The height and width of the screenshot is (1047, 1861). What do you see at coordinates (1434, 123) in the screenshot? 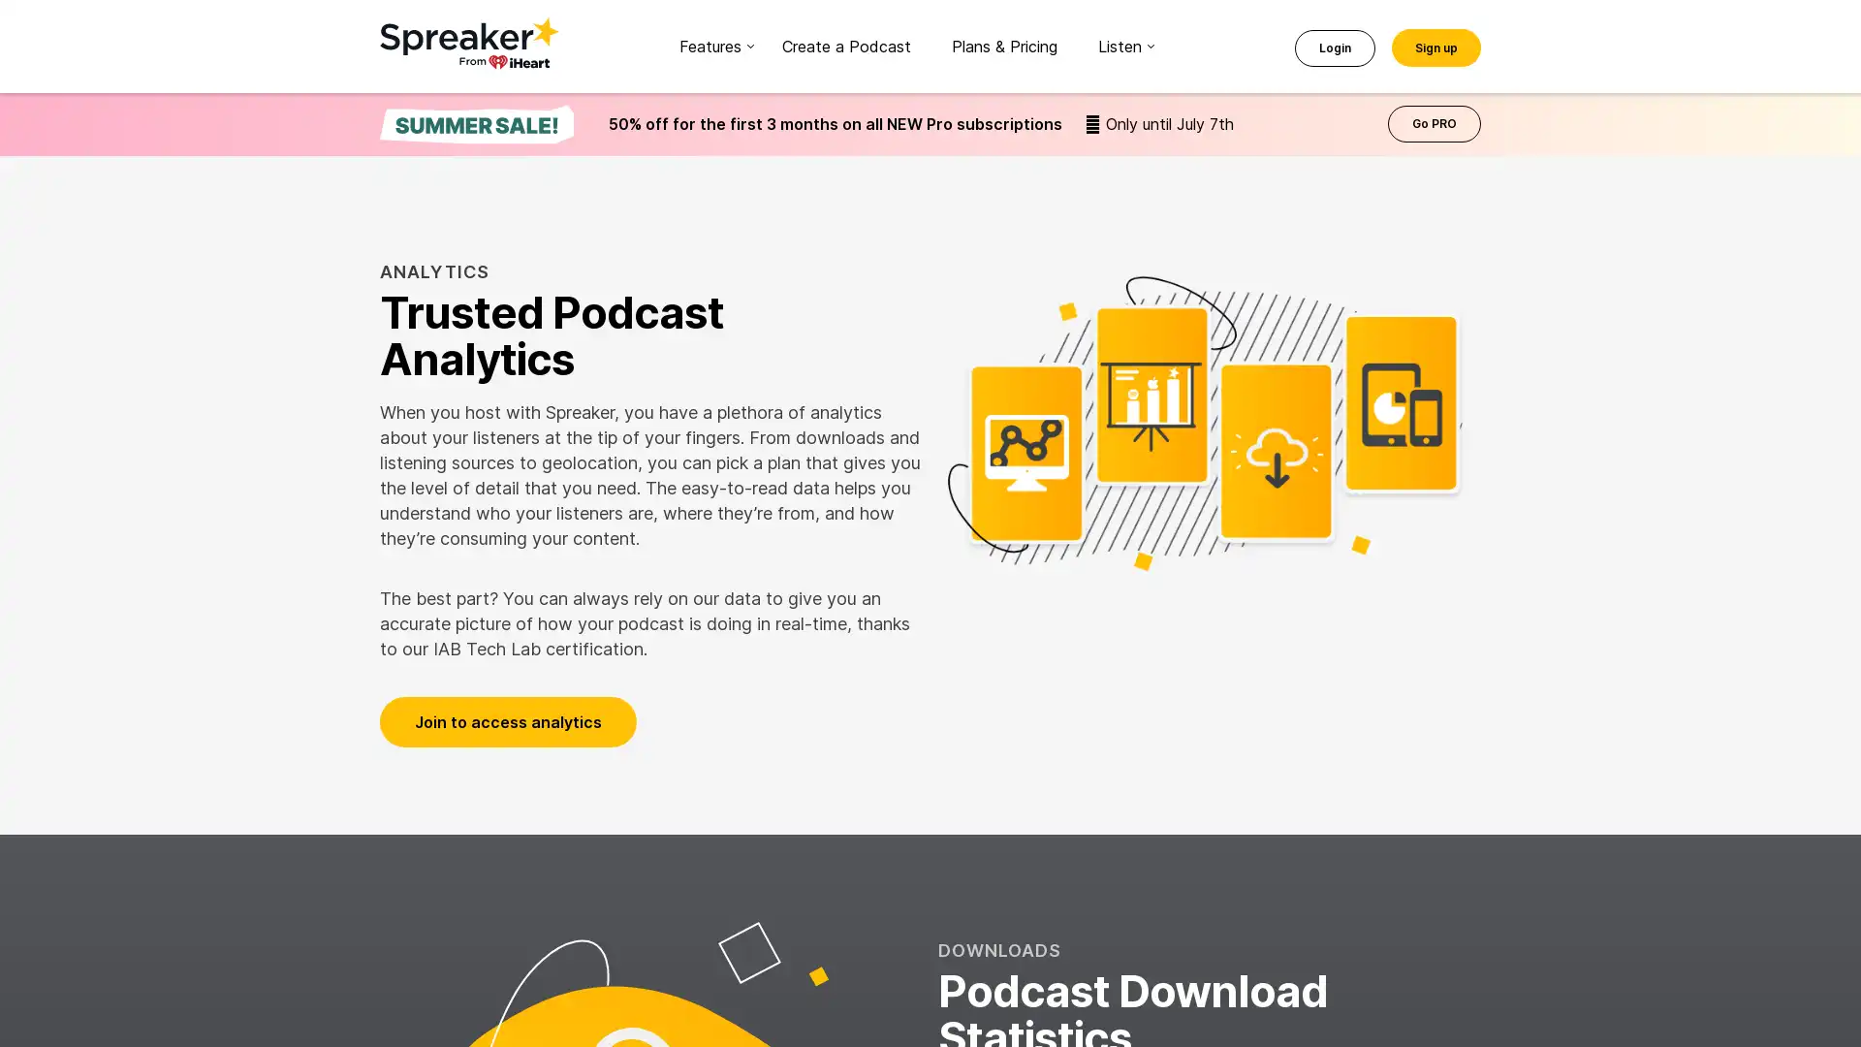
I see `Go PRO` at bounding box center [1434, 123].